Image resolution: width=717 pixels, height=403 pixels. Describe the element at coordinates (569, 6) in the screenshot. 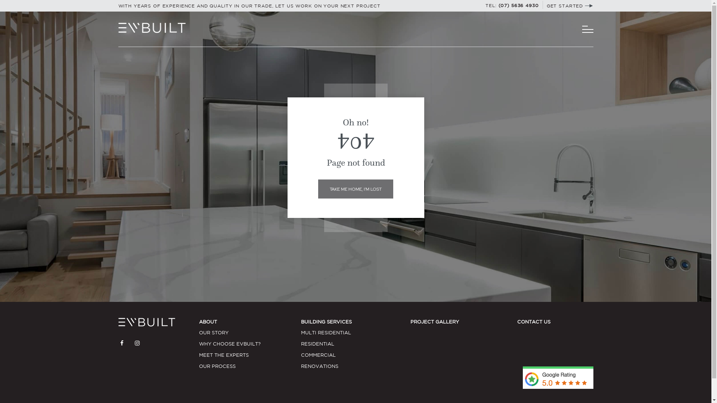

I see `'GET STARTED'` at that location.